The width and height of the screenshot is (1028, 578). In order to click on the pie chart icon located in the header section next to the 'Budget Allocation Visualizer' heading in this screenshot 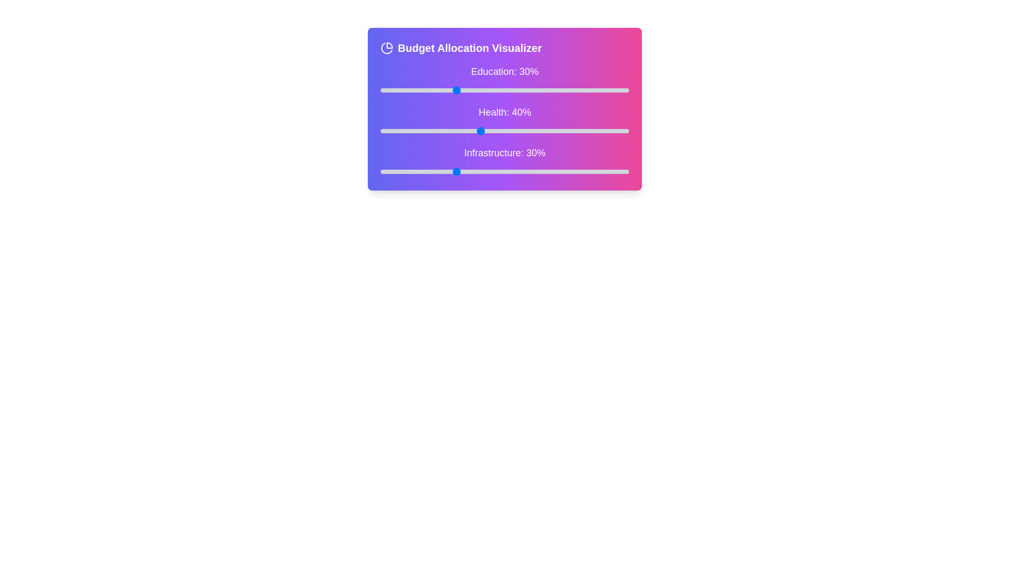, I will do `click(386, 48)`.